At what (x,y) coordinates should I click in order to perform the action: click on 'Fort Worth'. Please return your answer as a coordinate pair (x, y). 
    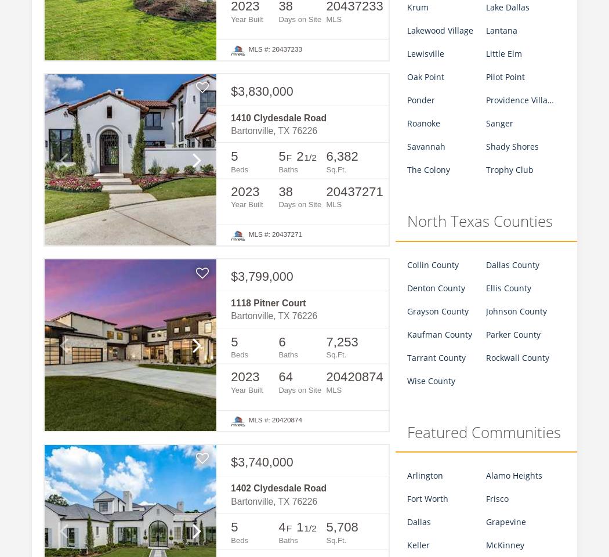
    Looking at the image, I should click on (426, 498).